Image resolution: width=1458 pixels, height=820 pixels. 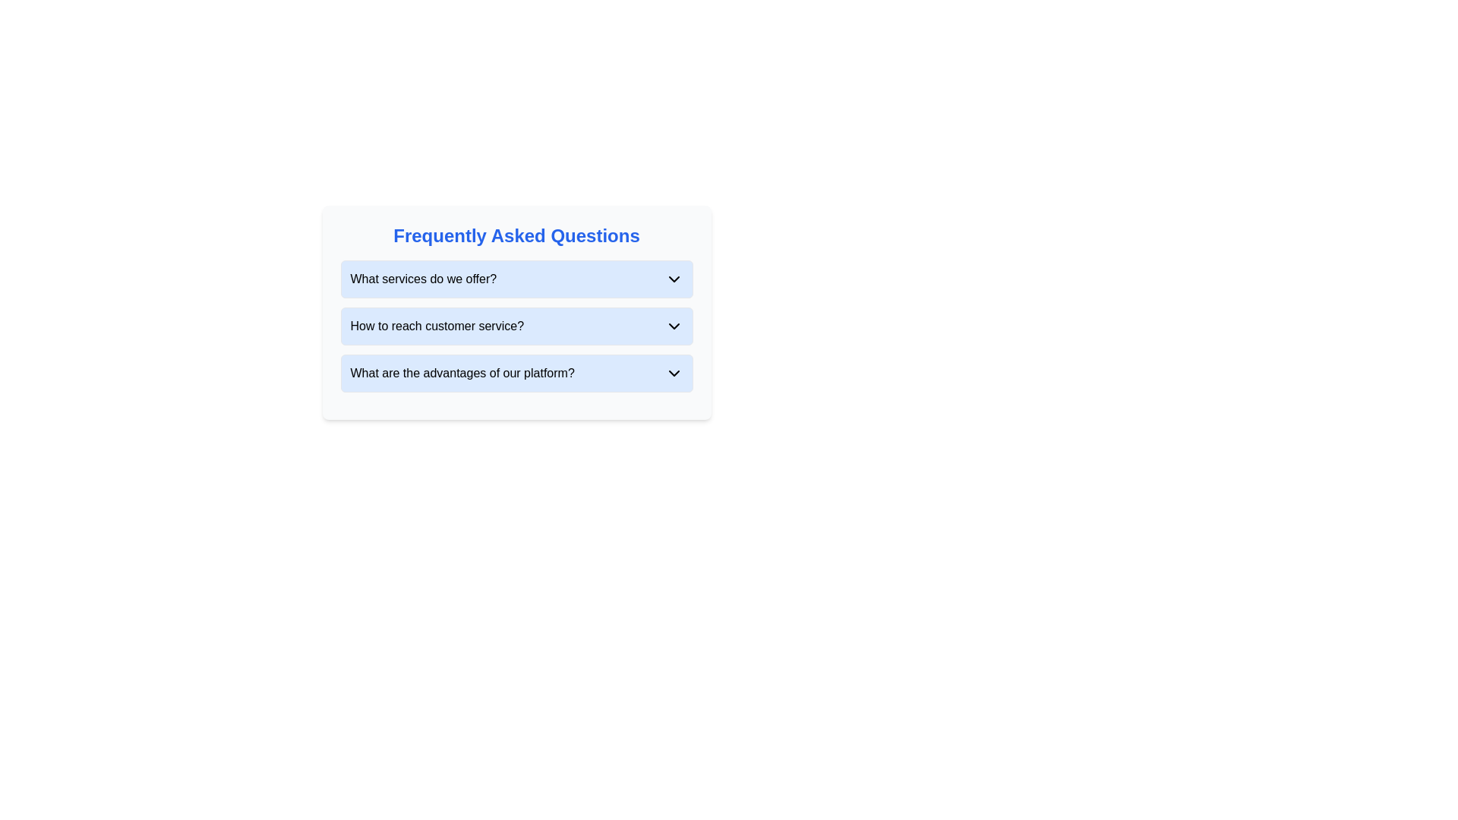 What do you see at coordinates (673, 279) in the screenshot?
I see `the toggle icon for expanding or collapsing the content related to 'What services do we offer?'` at bounding box center [673, 279].